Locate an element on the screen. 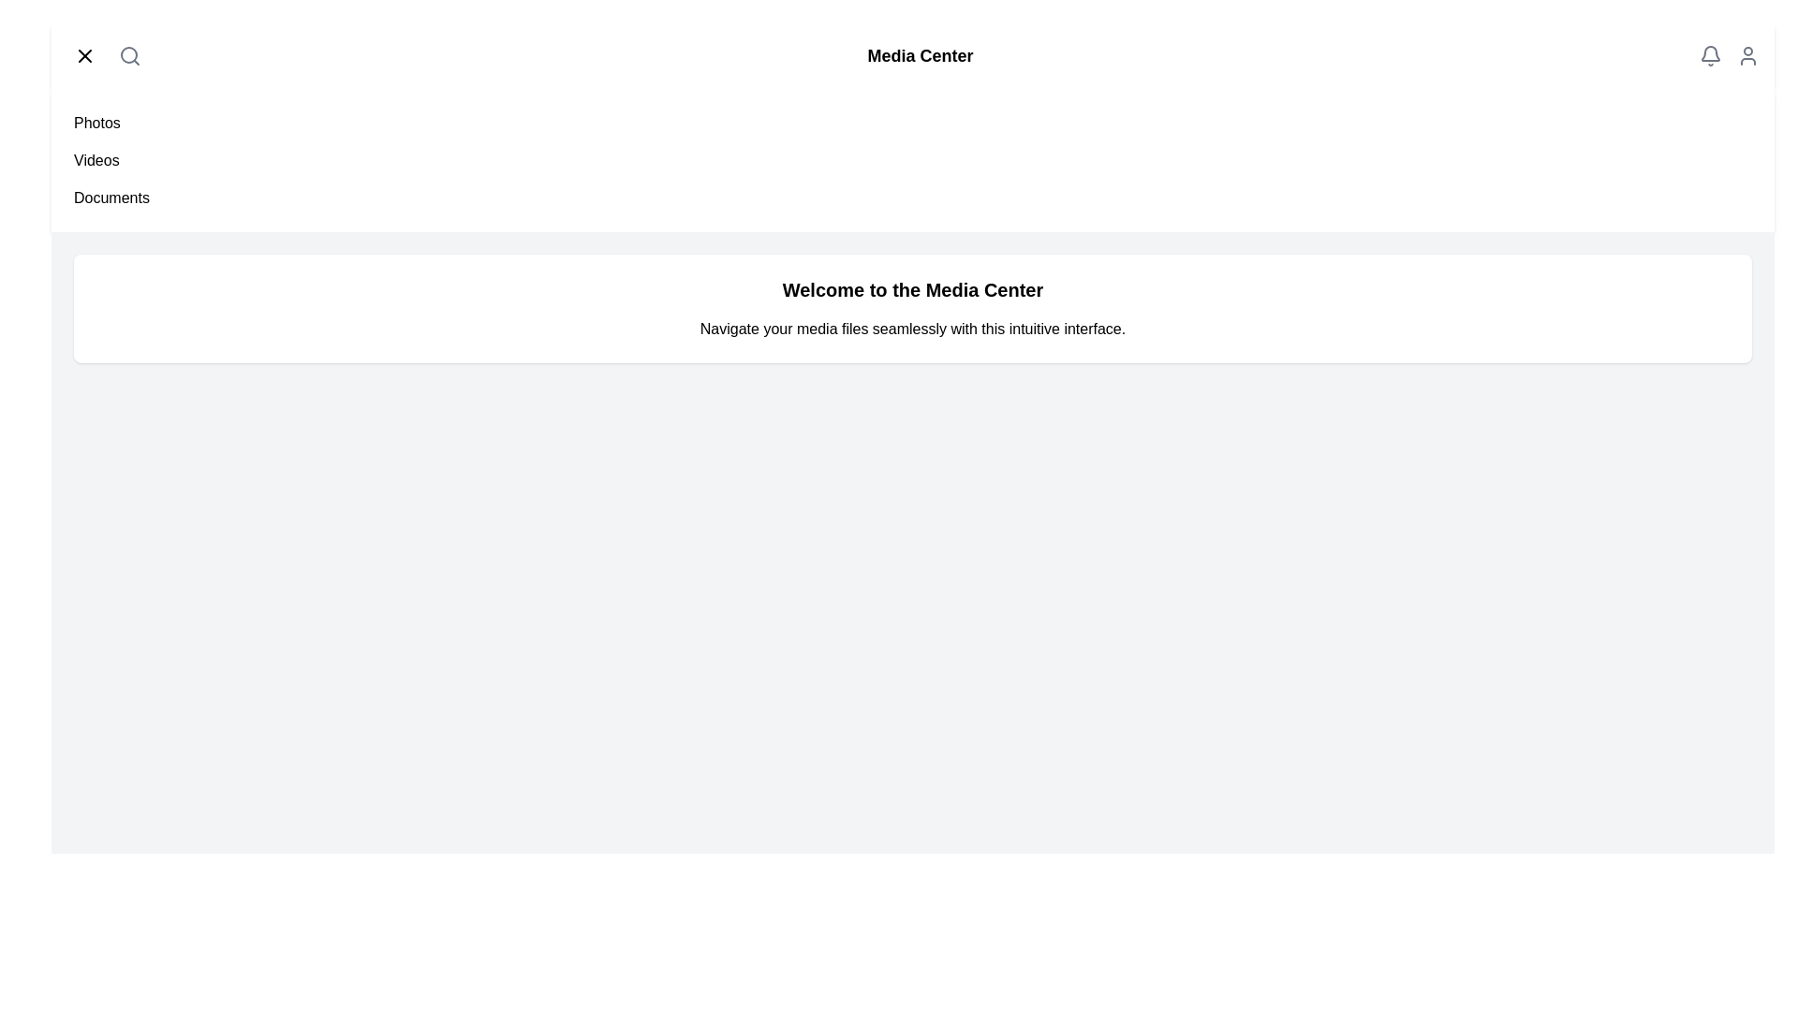 The height and width of the screenshot is (1011, 1798). the menu item Photos from the side menu is located at coordinates (95, 123).